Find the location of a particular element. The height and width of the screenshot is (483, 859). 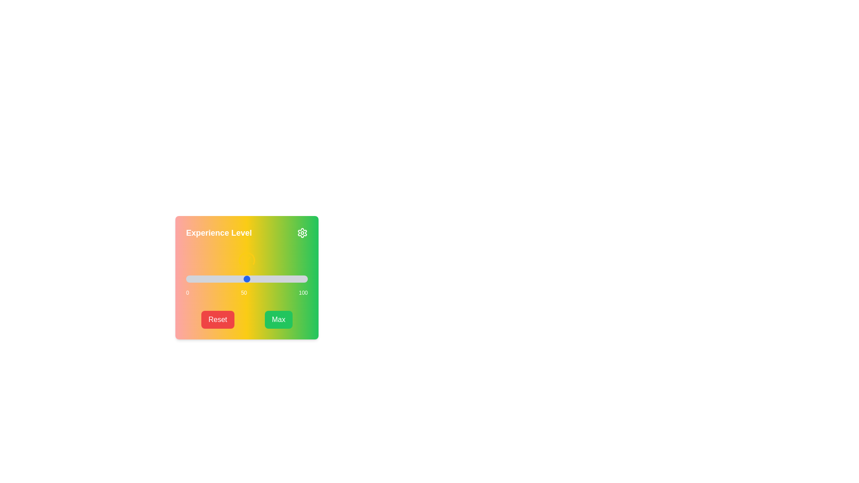

the slider to set the value to 21 is located at coordinates (211, 279).